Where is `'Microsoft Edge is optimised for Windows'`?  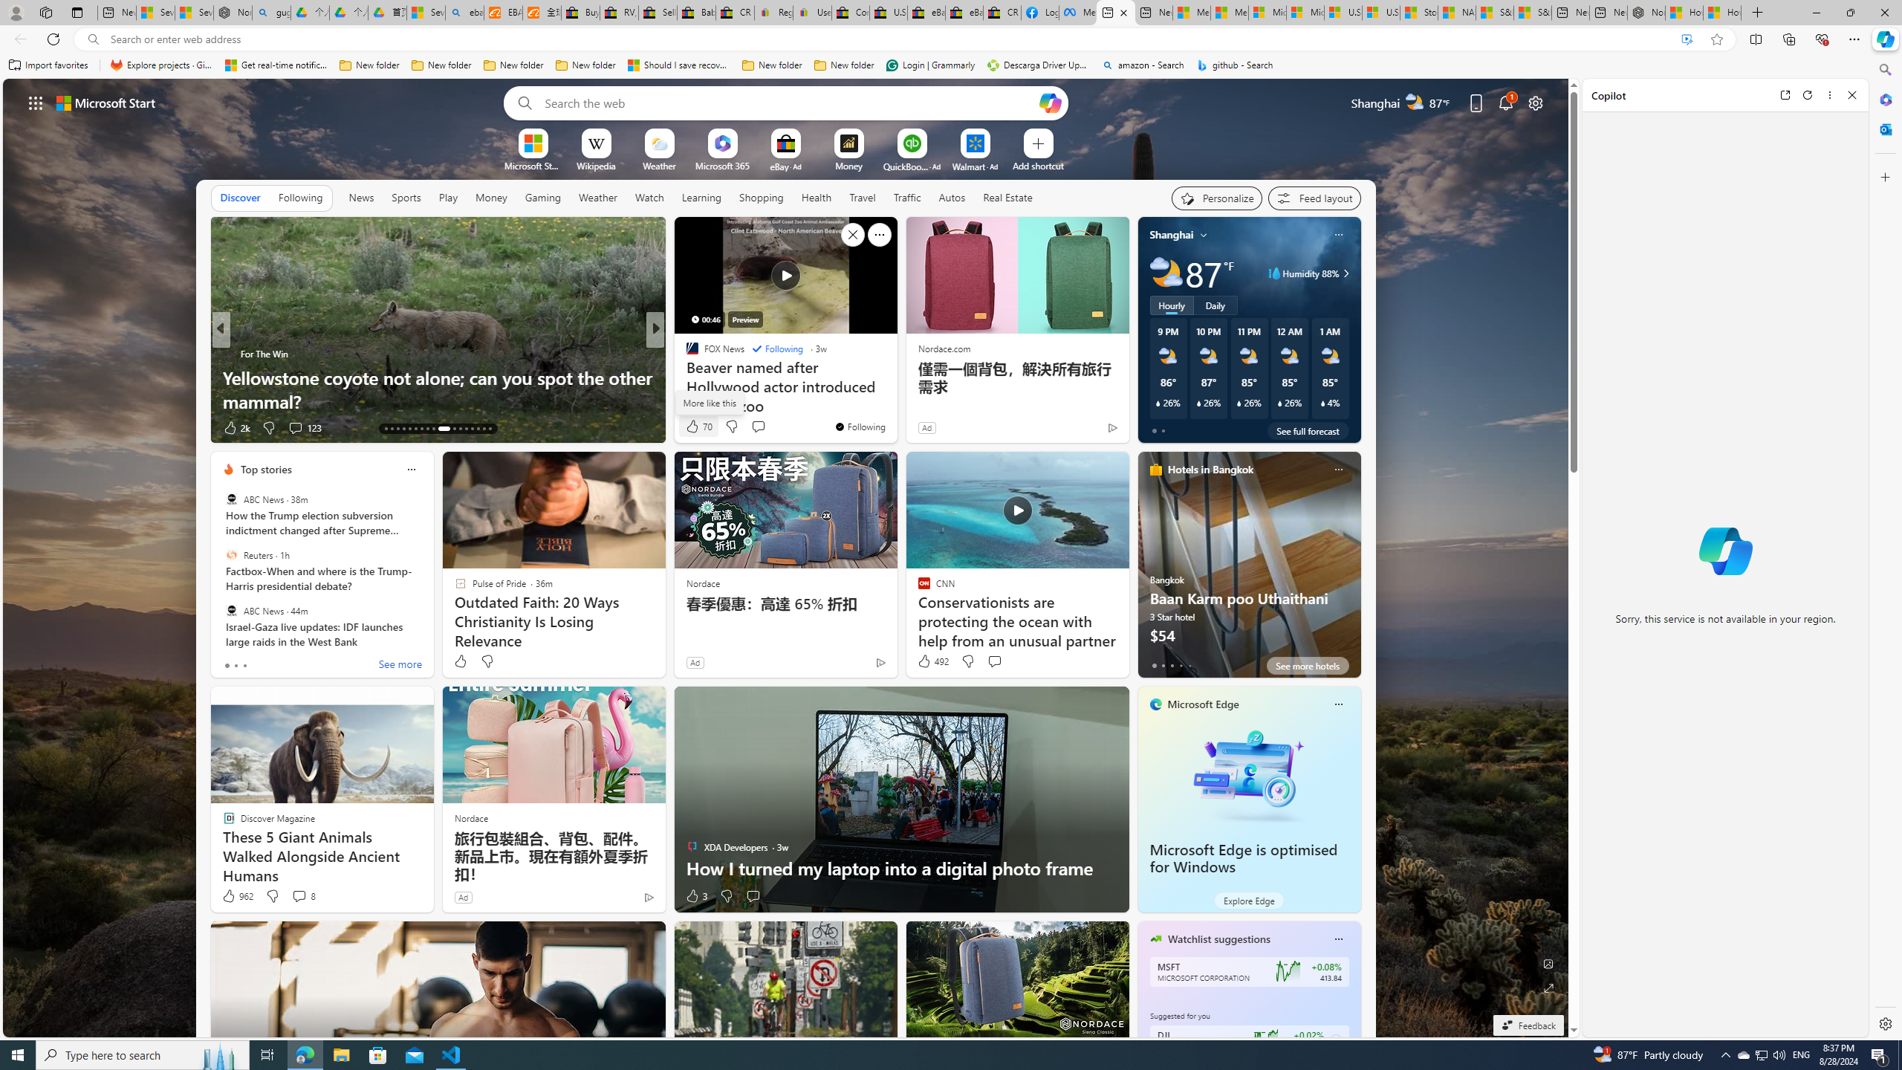 'Microsoft Edge is optimised for Windows' is located at coordinates (1247, 774).